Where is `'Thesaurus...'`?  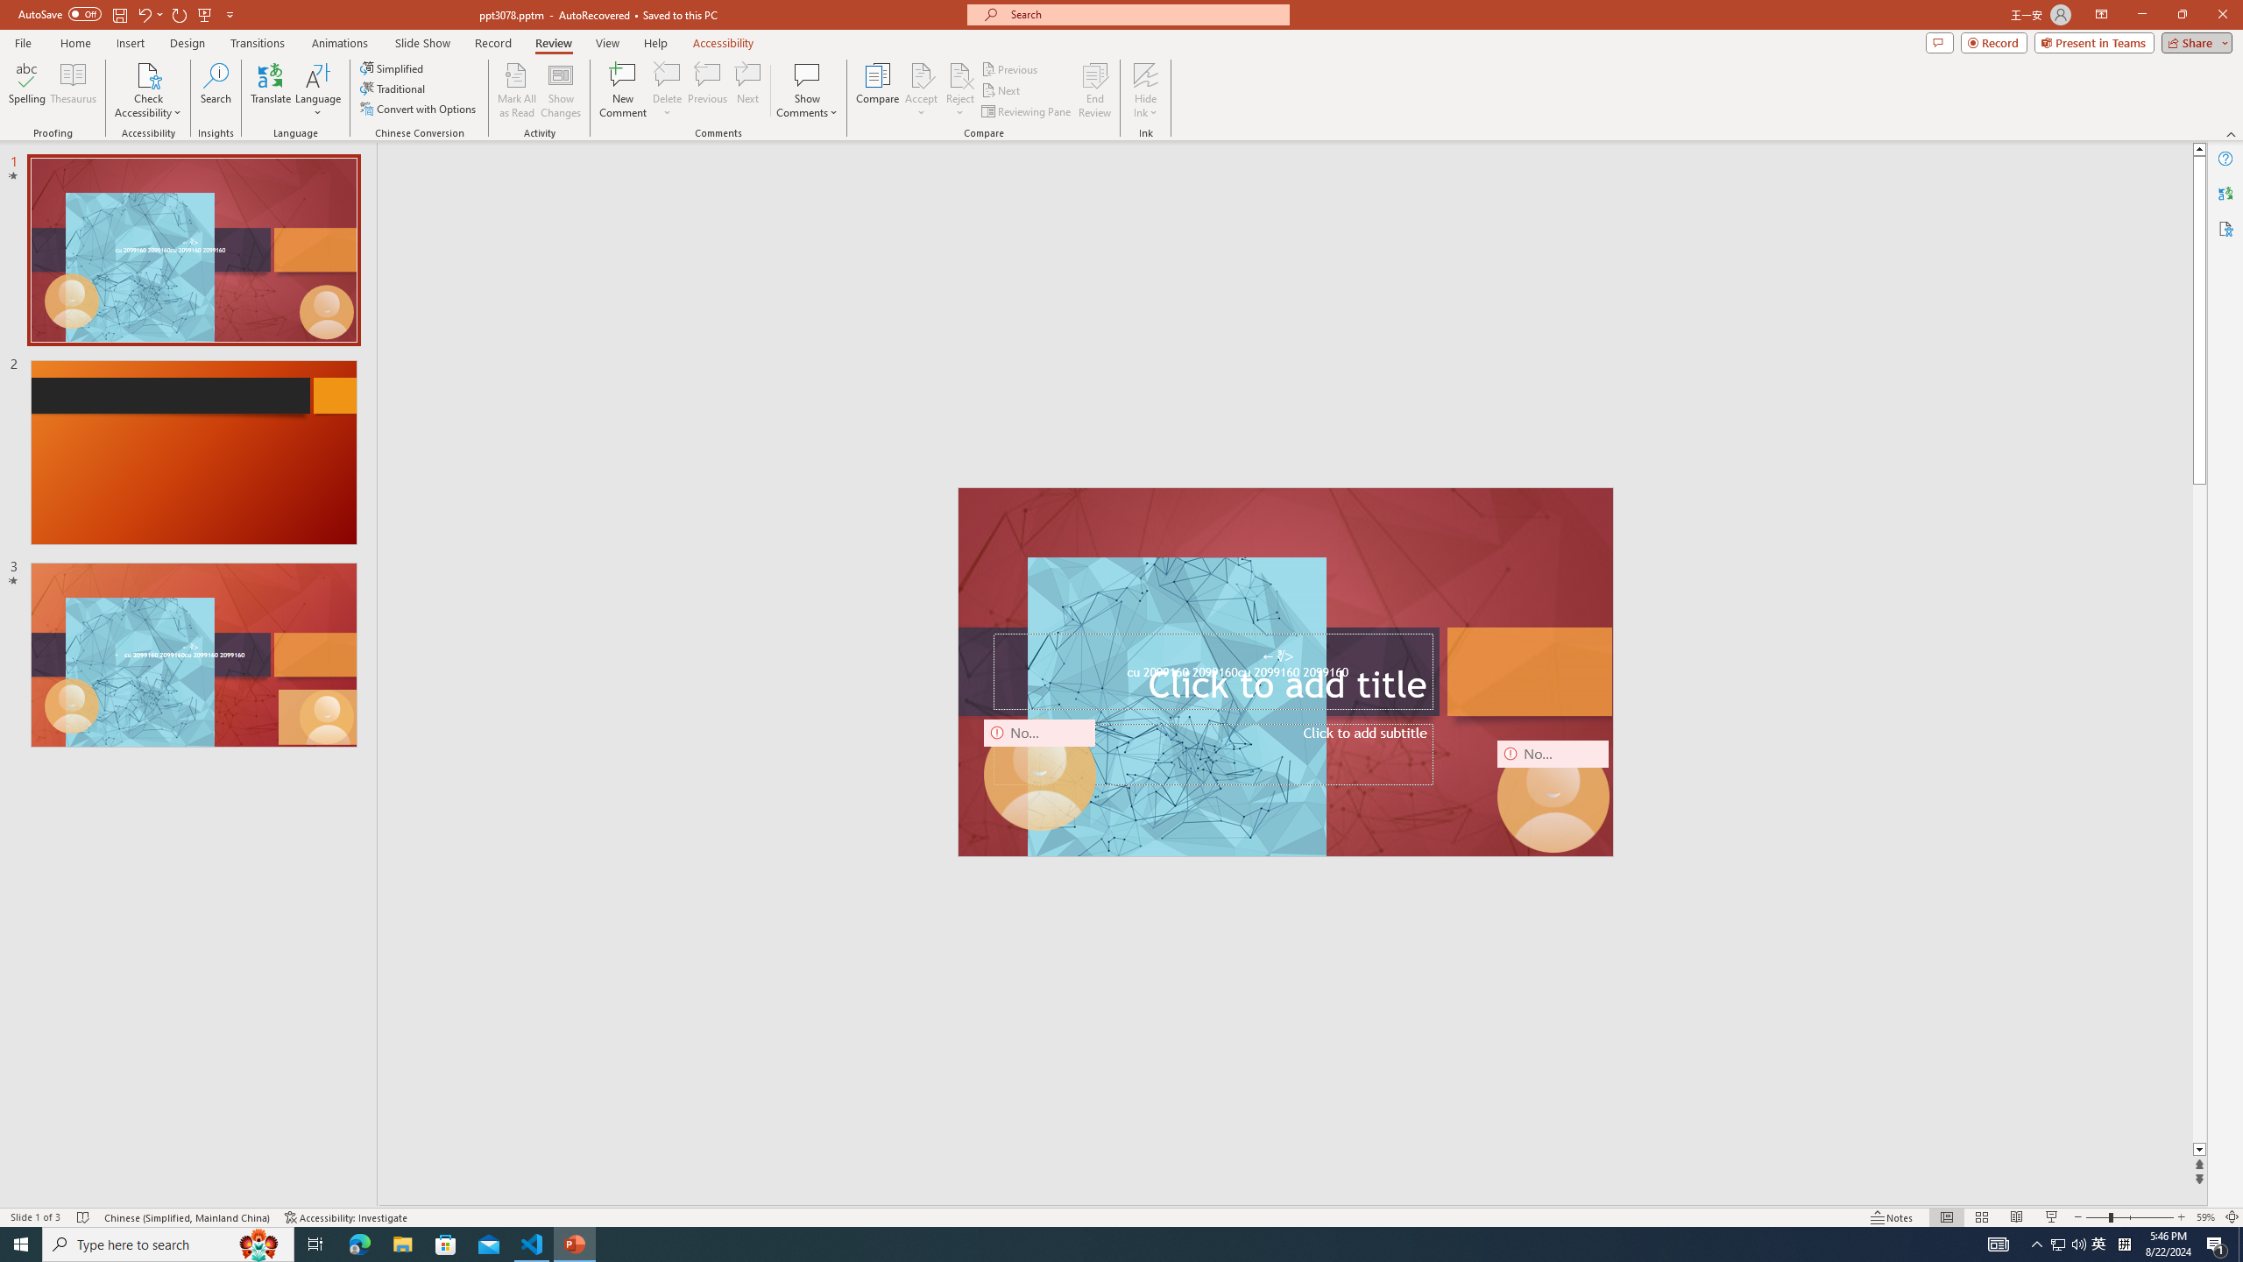 'Thesaurus...' is located at coordinates (72, 90).